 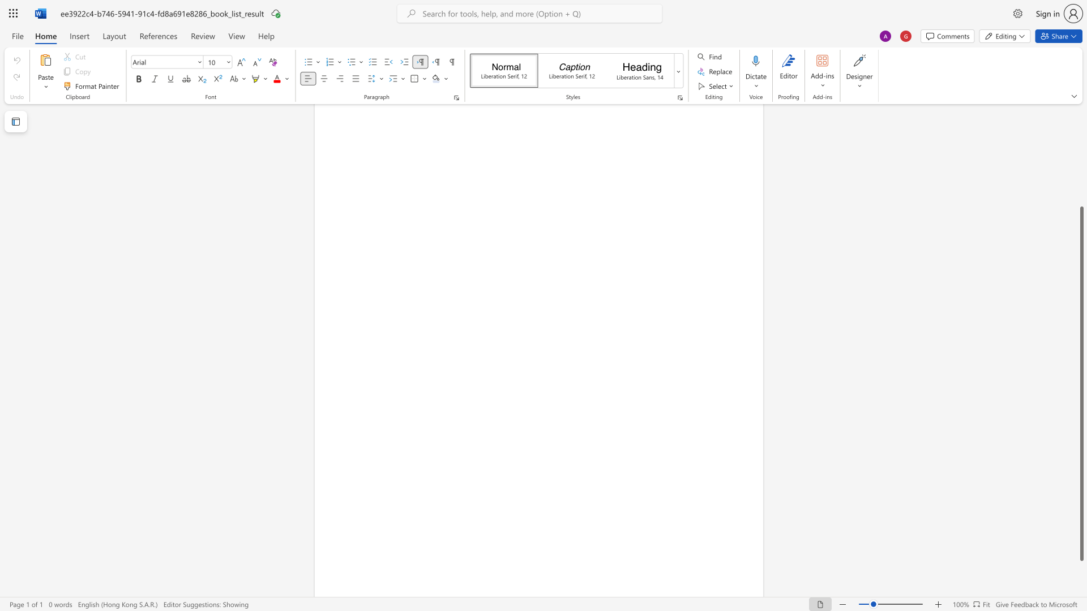 What do you see at coordinates (1081, 135) in the screenshot?
I see `the scrollbar to move the view up` at bounding box center [1081, 135].